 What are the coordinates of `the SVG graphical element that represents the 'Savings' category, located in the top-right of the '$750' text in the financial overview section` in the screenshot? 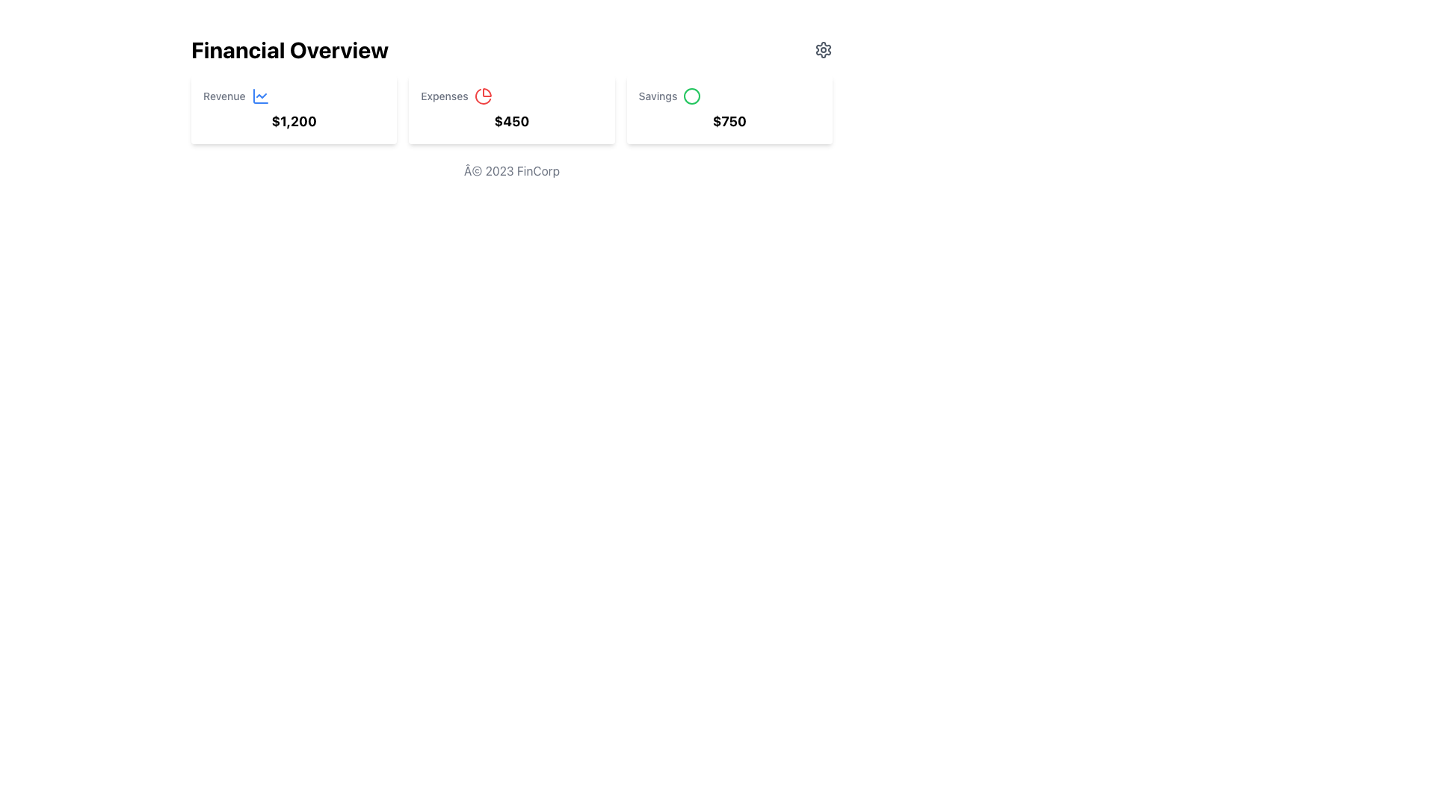 It's located at (691, 96).